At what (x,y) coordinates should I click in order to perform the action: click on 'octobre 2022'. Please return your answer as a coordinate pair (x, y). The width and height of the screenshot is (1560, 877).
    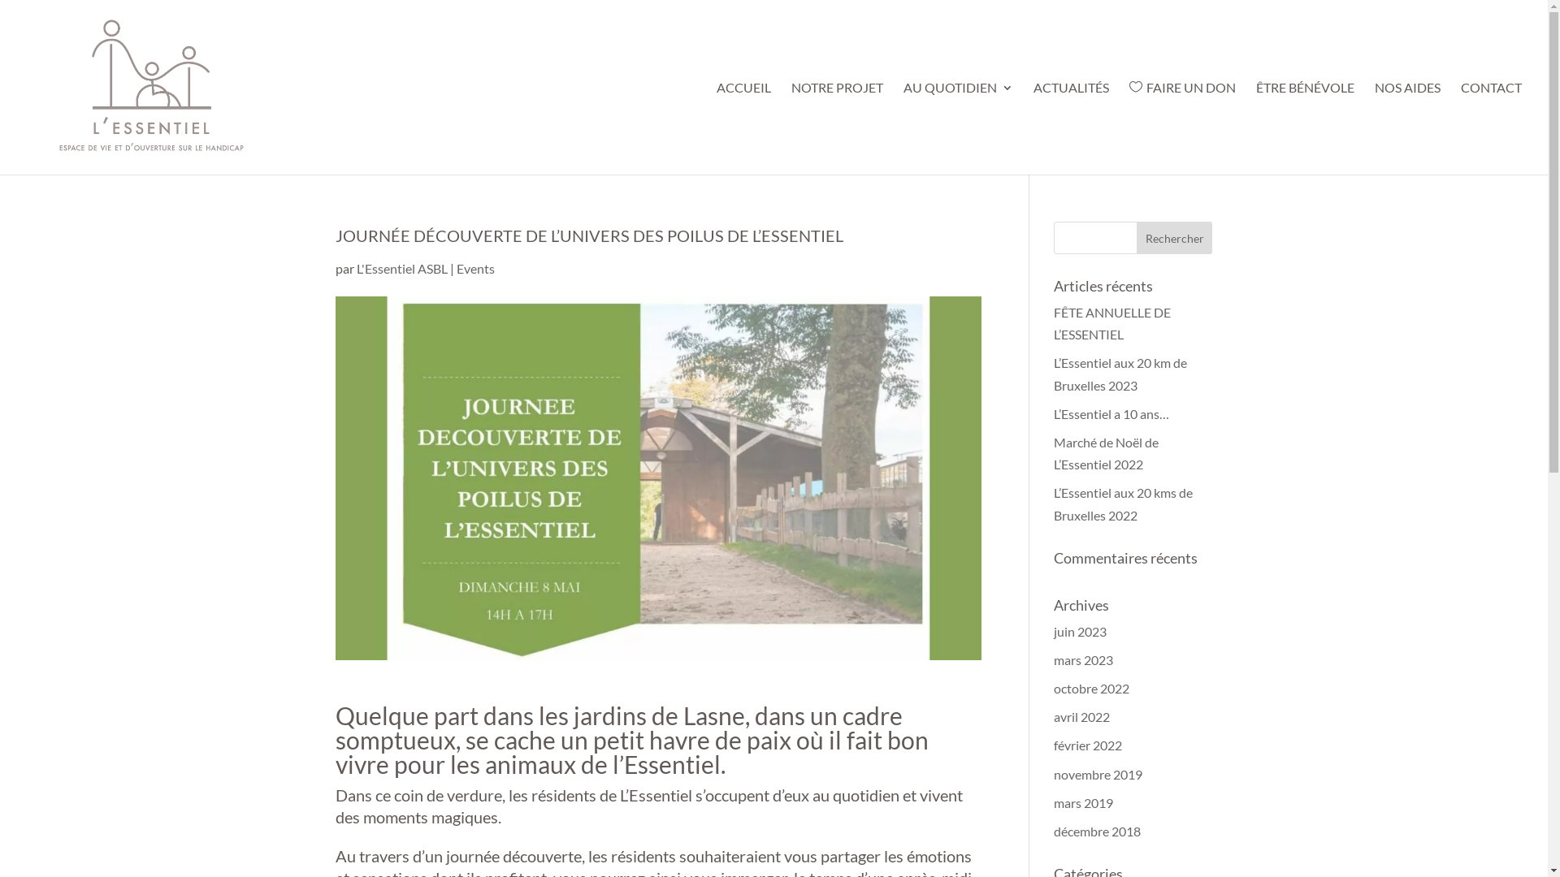
    Looking at the image, I should click on (1091, 688).